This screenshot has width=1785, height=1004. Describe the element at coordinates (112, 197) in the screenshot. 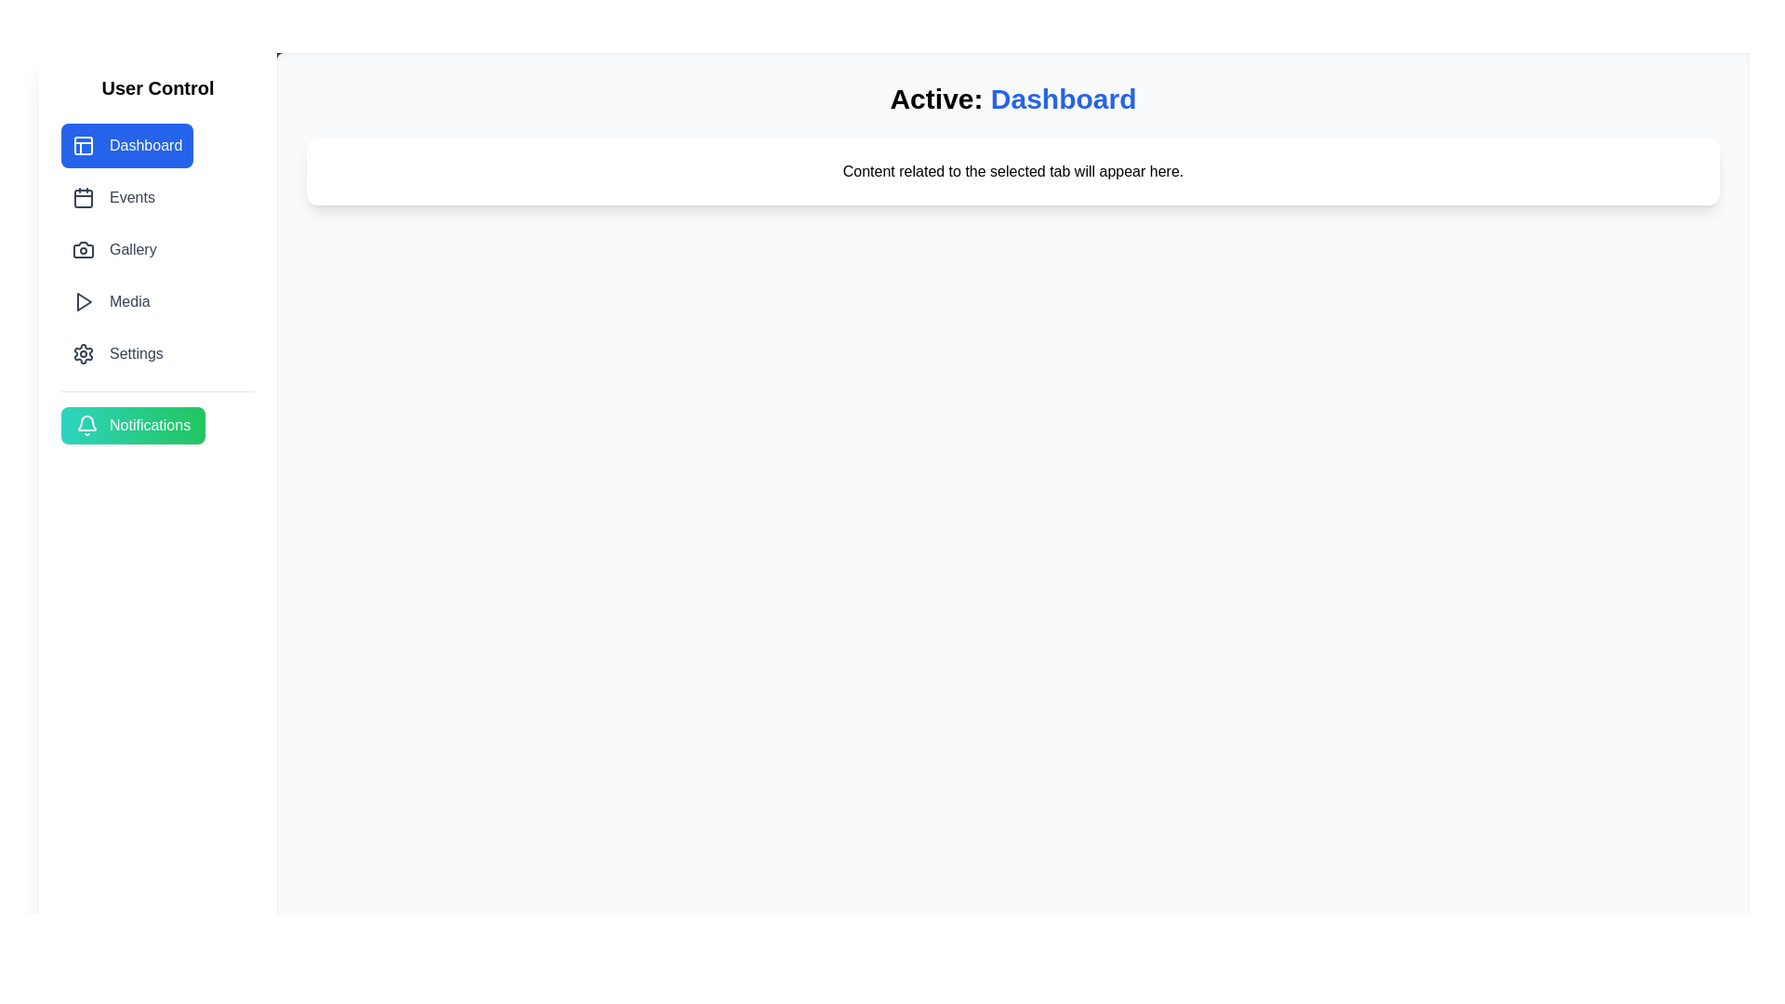

I see `the tab labeled Events to navigate to it` at that location.